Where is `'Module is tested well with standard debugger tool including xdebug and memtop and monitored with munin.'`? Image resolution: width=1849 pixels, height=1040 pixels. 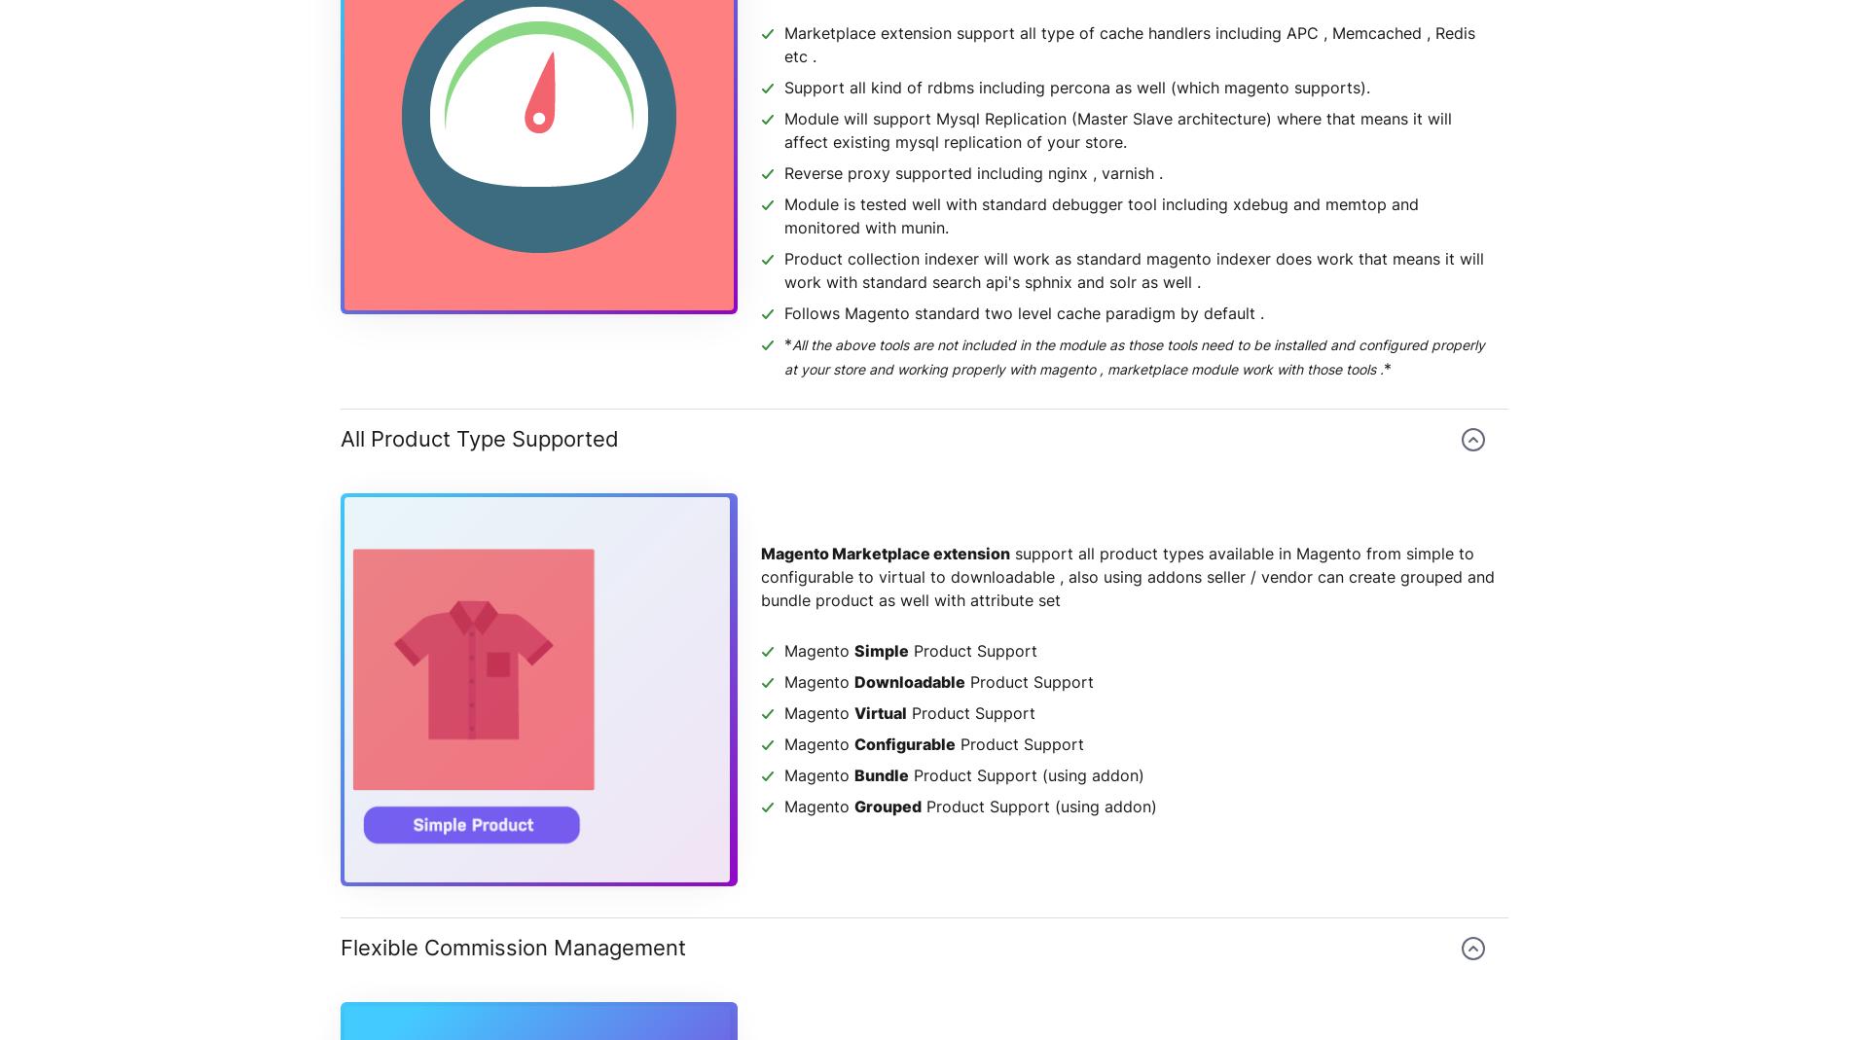 'Module is tested well with standard debugger tool including xdebug and memtop and monitored with munin.' is located at coordinates (1102, 215).